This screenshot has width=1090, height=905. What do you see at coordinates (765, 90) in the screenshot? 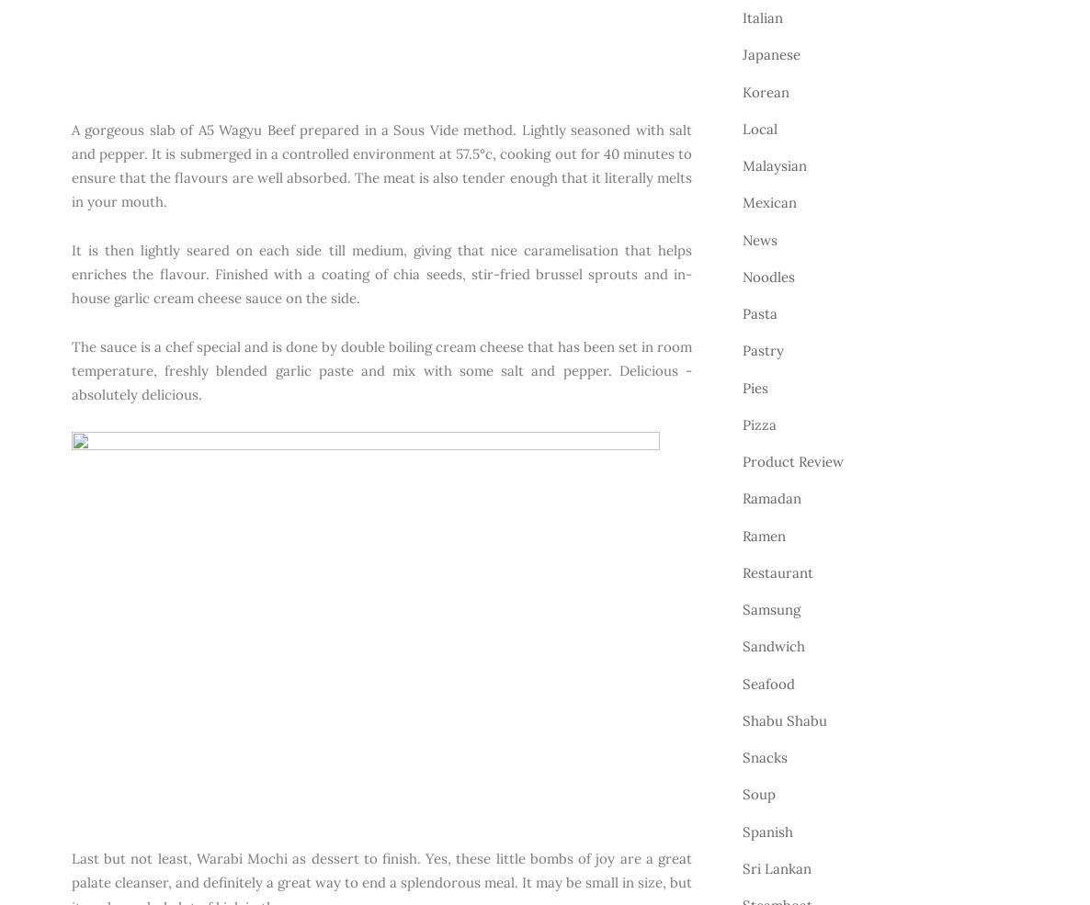
I see `'Korean'` at bounding box center [765, 90].